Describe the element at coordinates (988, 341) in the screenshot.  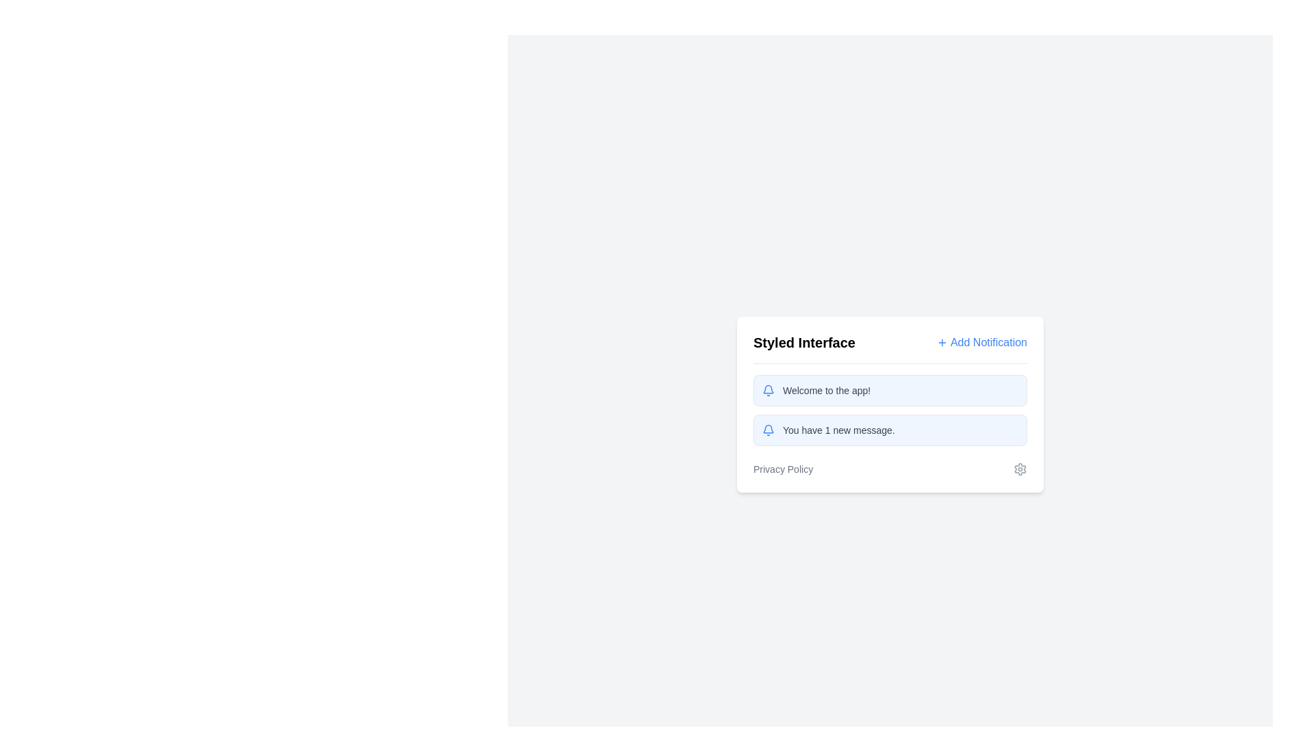
I see `the clickable text 'Add Notification', which is styled in blue and located to the top-right of the 'Styled Interface' panel` at that location.